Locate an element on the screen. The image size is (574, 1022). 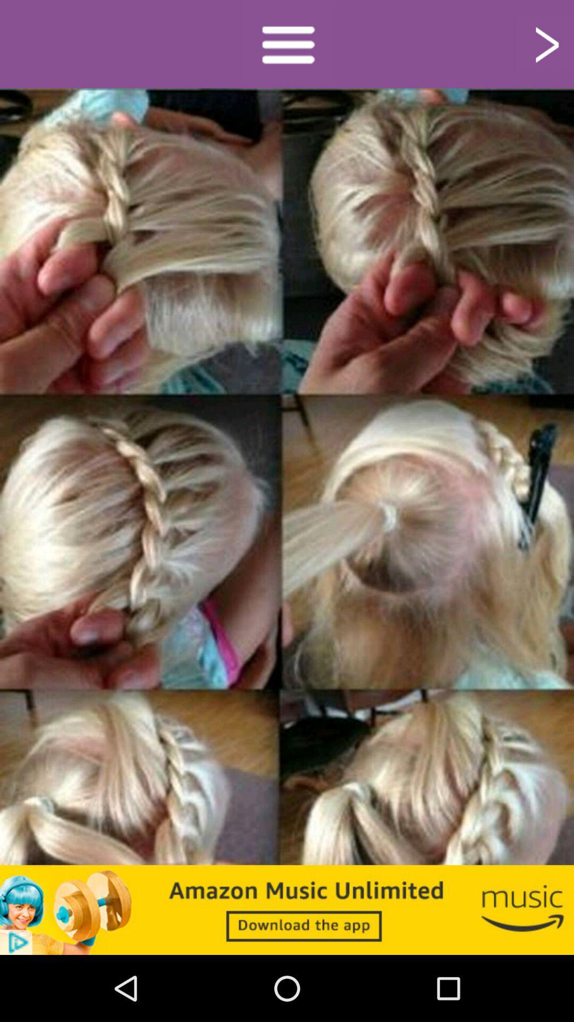
the menu icon is located at coordinates (287, 46).